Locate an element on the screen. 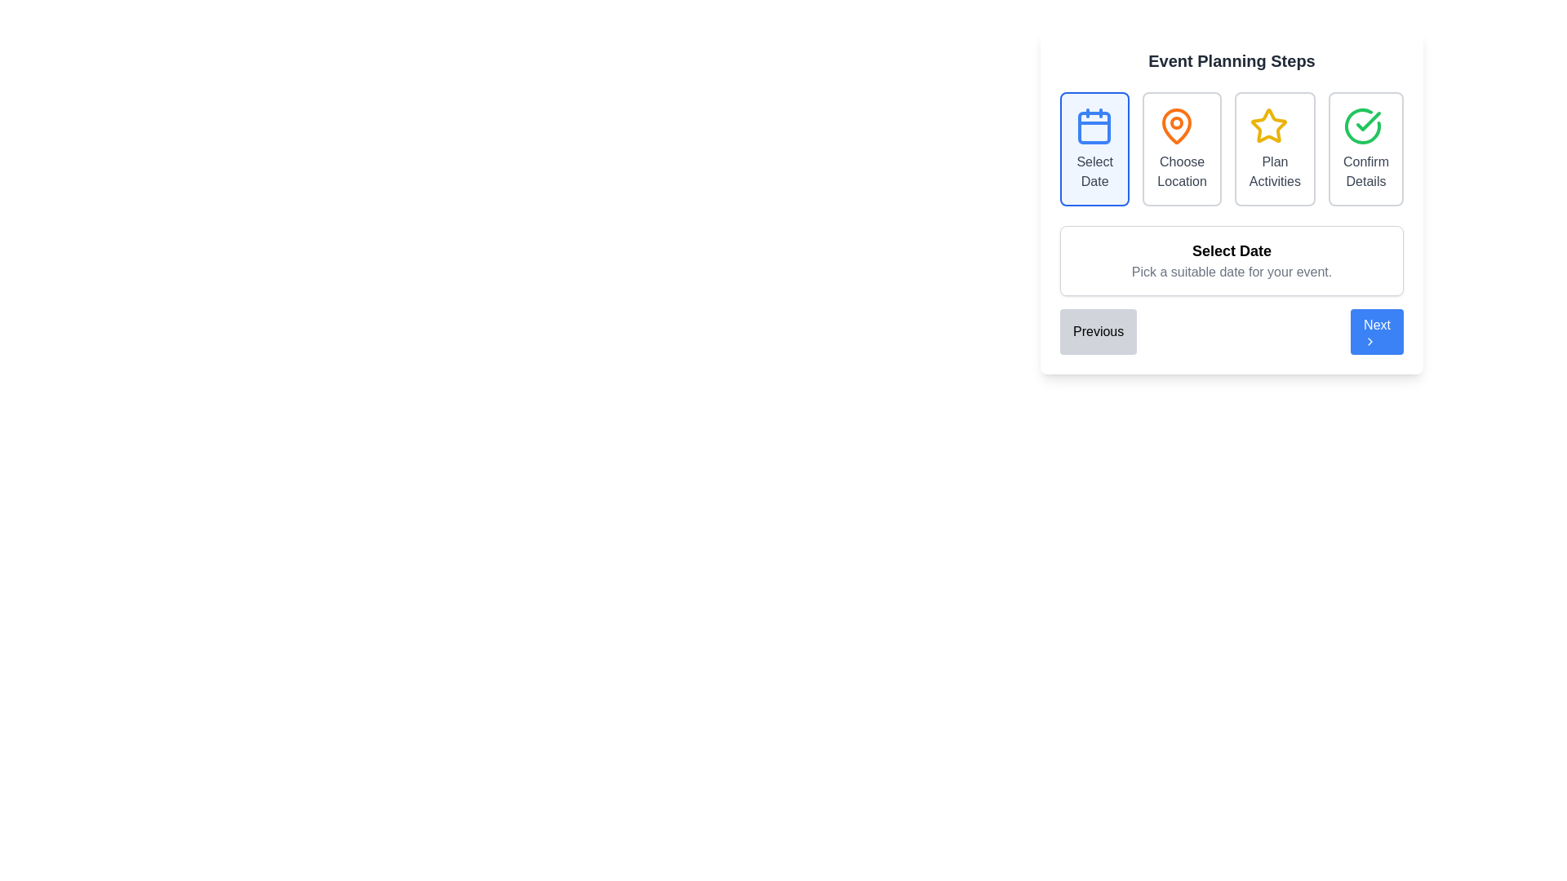 The height and width of the screenshot is (881, 1567). the rightmost icon in the sequence of four step icons at the top of the 'Event Planning Steps' interface to interact with the step of confirming details is located at coordinates (1363, 125).